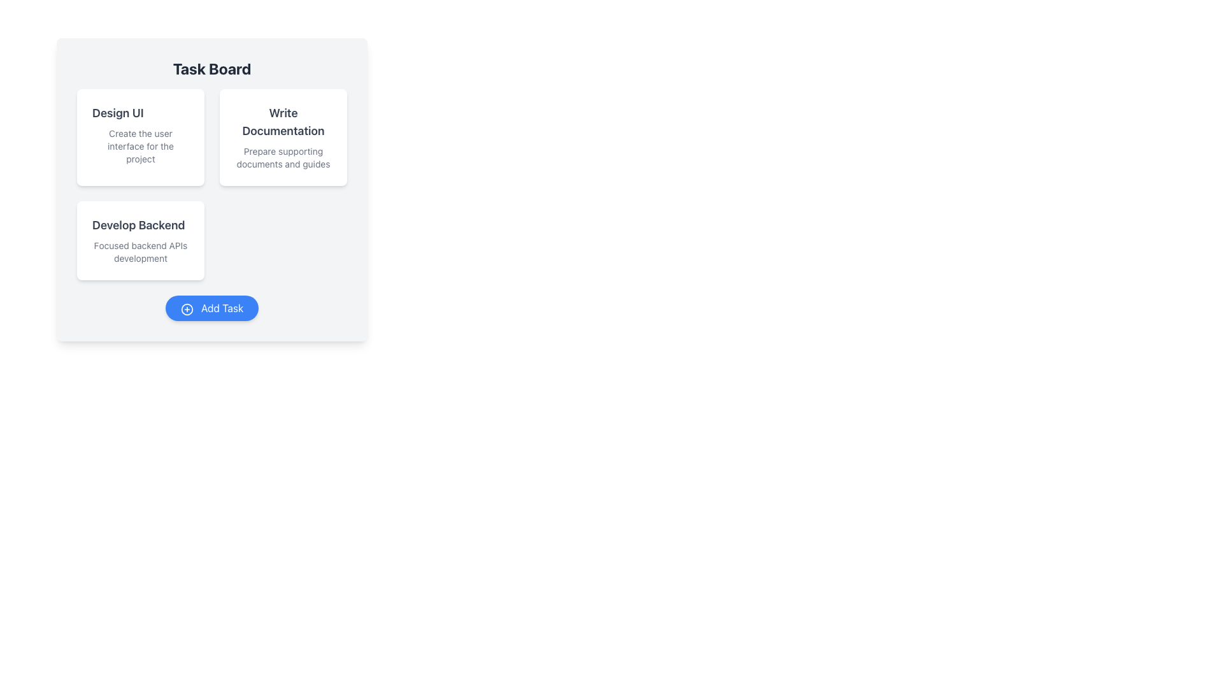 This screenshot has height=688, width=1223. What do you see at coordinates (140, 138) in the screenshot?
I see `the 'Design UI' informational card` at bounding box center [140, 138].